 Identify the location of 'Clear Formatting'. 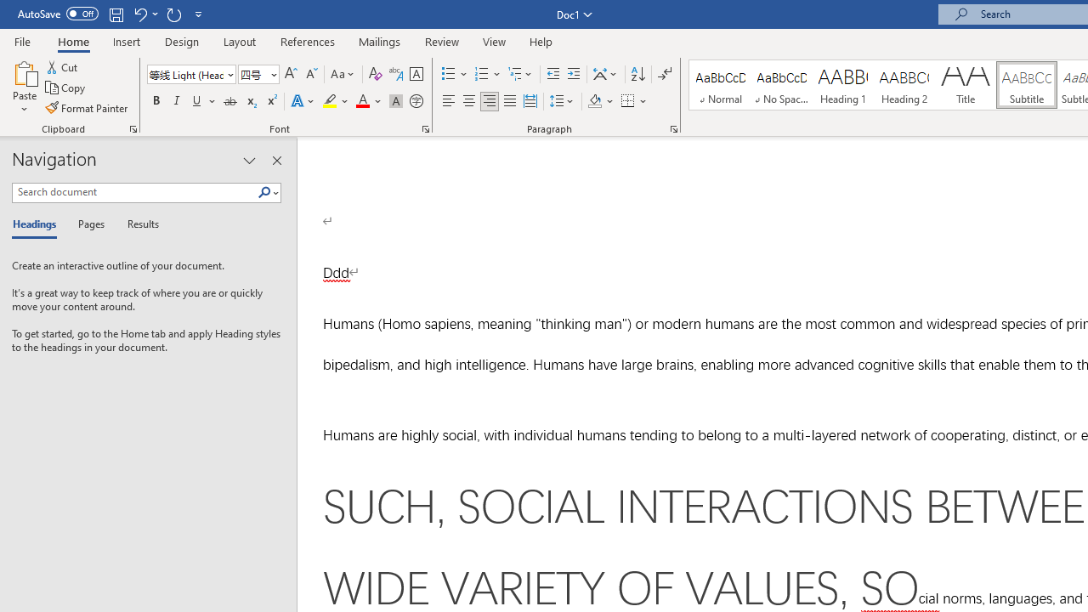
(375, 73).